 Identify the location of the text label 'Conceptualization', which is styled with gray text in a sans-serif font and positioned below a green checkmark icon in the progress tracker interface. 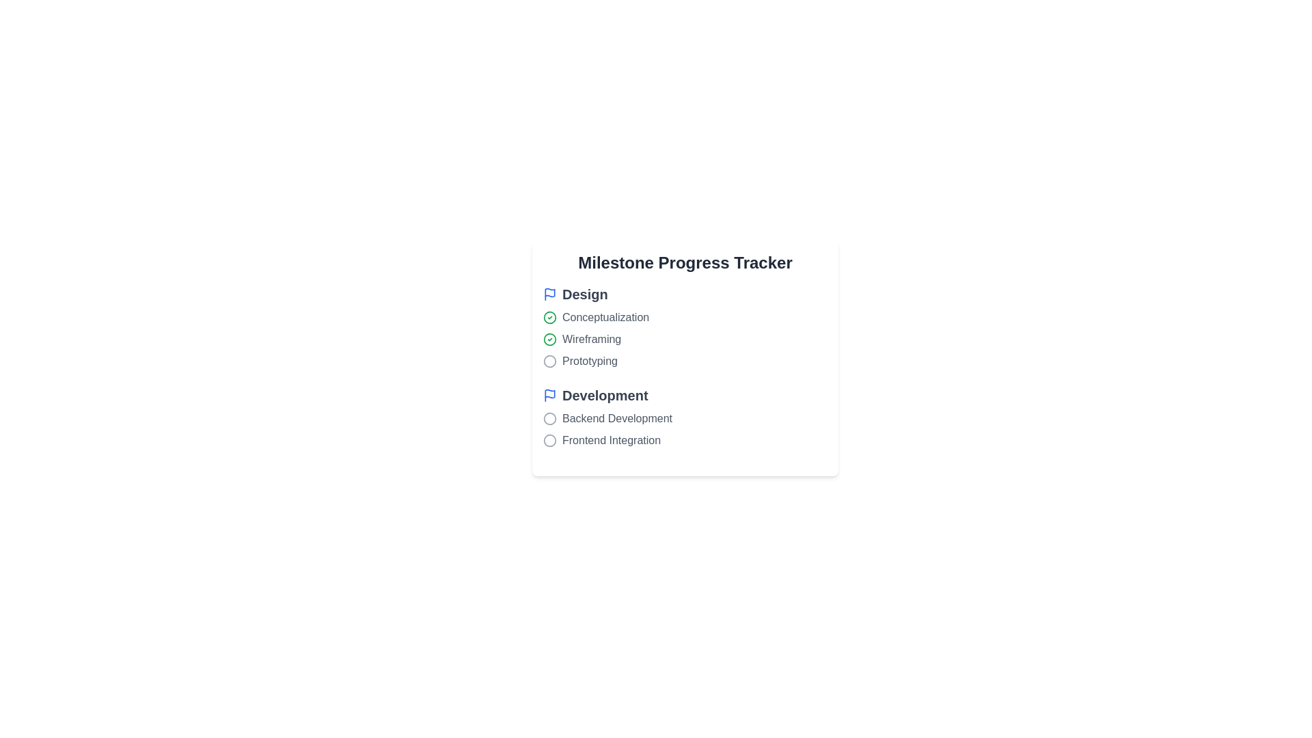
(605, 318).